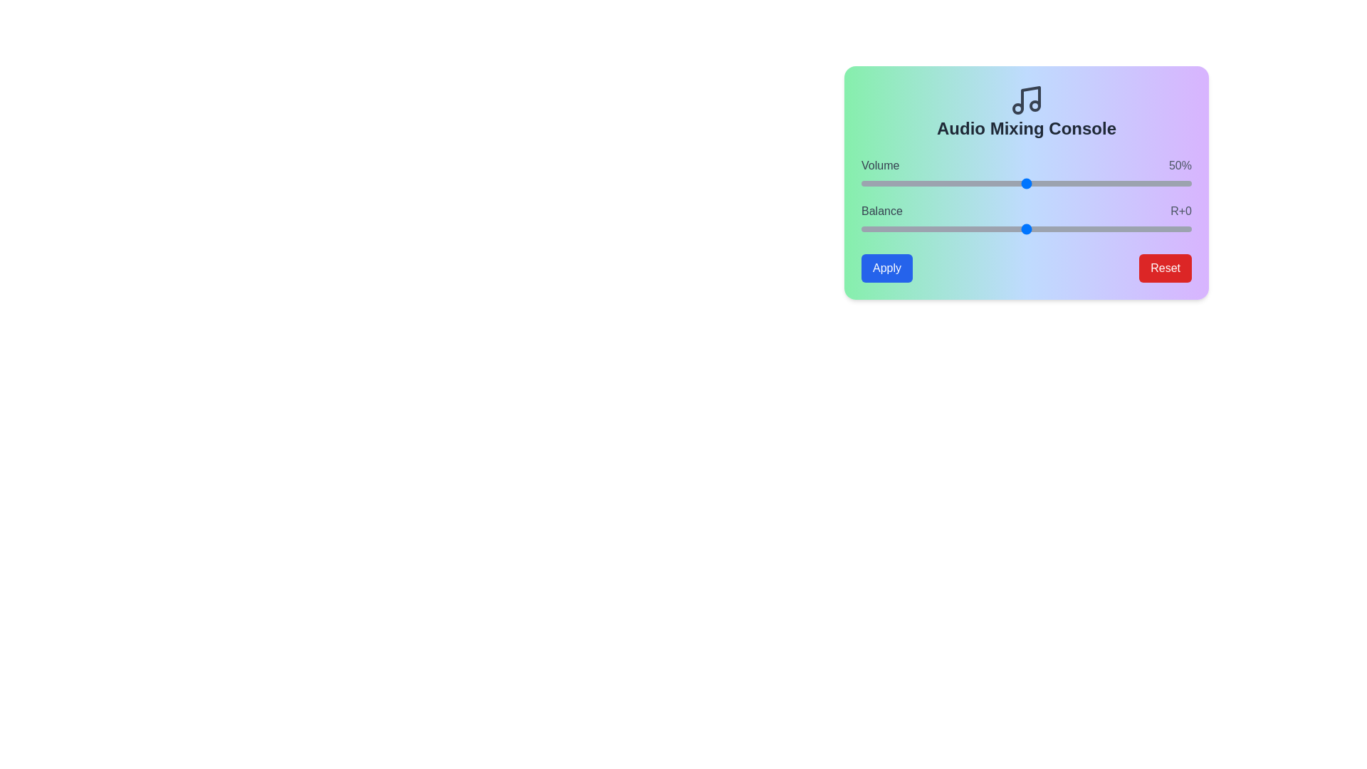 Image resolution: width=1367 pixels, height=769 pixels. What do you see at coordinates (1033, 183) in the screenshot?
I see `the slider` at bounding box center [1033, 183].